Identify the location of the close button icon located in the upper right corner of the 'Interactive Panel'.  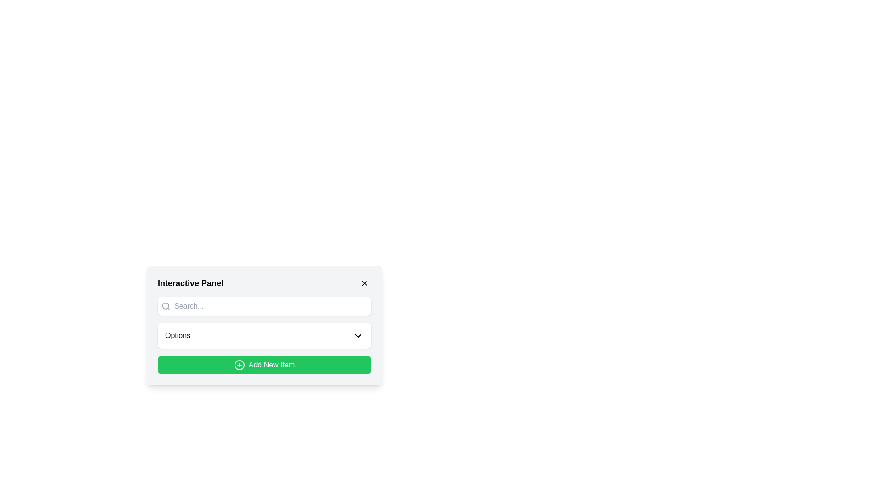
(364, 283).